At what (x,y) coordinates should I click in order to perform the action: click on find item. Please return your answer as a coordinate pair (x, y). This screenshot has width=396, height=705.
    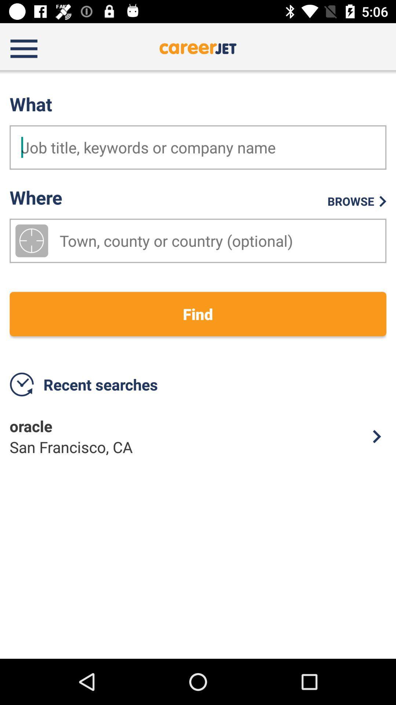
    Looking at the image, I should click on (198, 314).